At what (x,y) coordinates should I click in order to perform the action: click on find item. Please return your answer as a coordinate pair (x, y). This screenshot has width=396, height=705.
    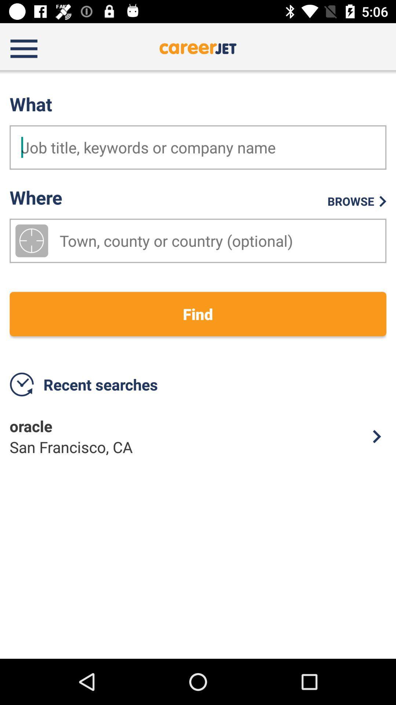
    Looking at the image, I should click on (198, 314).